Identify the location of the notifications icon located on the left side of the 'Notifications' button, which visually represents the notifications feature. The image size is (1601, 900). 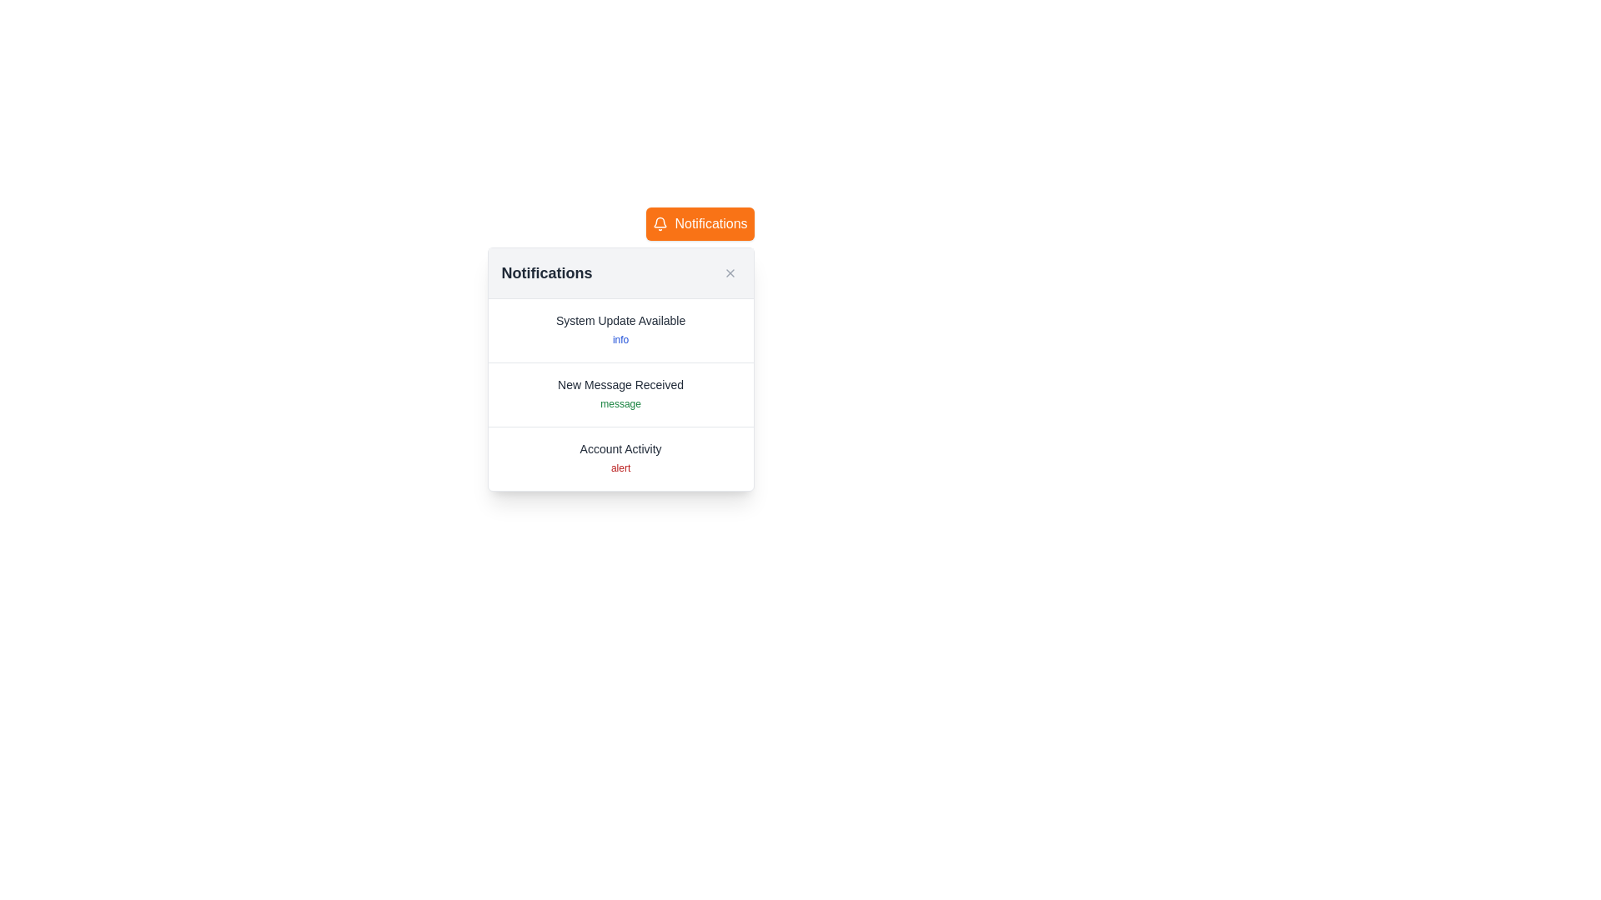
(660, 223).